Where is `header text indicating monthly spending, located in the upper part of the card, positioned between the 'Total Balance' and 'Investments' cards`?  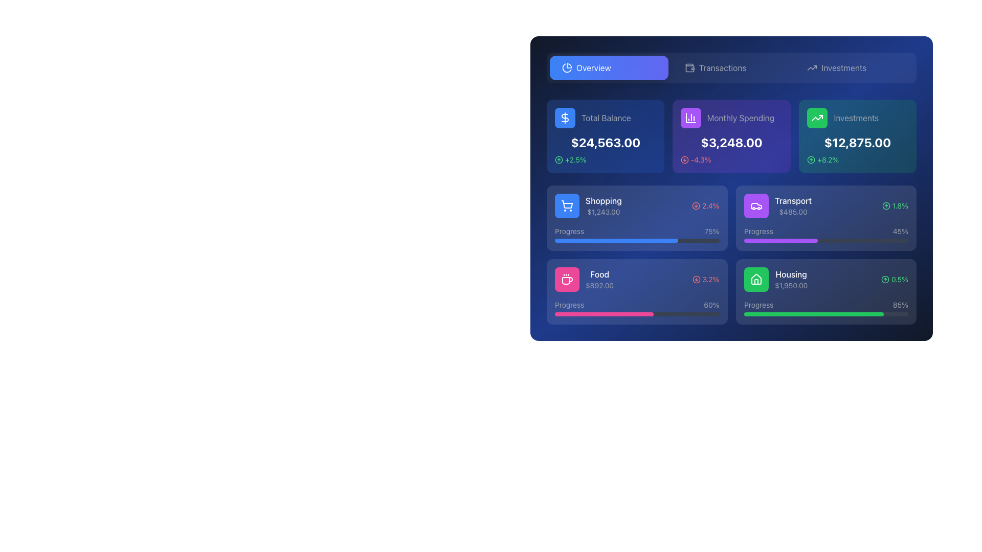
header text indicating monthly spending, located in the upper part of the card, positioned between the 'Total Balance' and 'Investments' cards is located at coordinates (731, 118).